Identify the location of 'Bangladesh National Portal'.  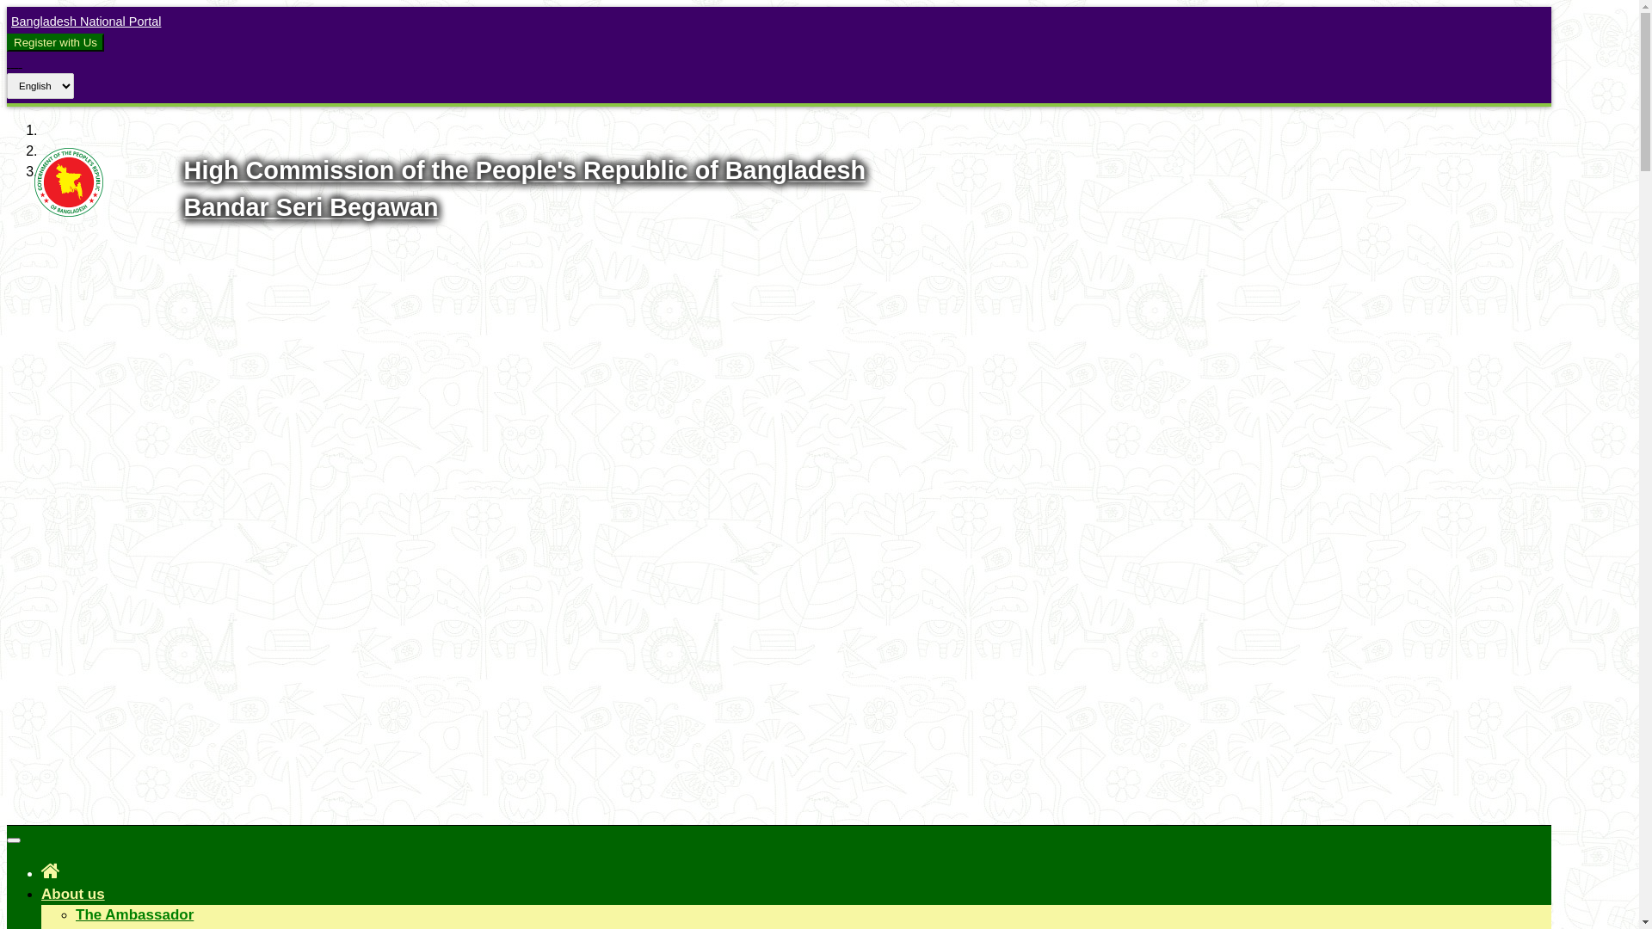
(83, 21).